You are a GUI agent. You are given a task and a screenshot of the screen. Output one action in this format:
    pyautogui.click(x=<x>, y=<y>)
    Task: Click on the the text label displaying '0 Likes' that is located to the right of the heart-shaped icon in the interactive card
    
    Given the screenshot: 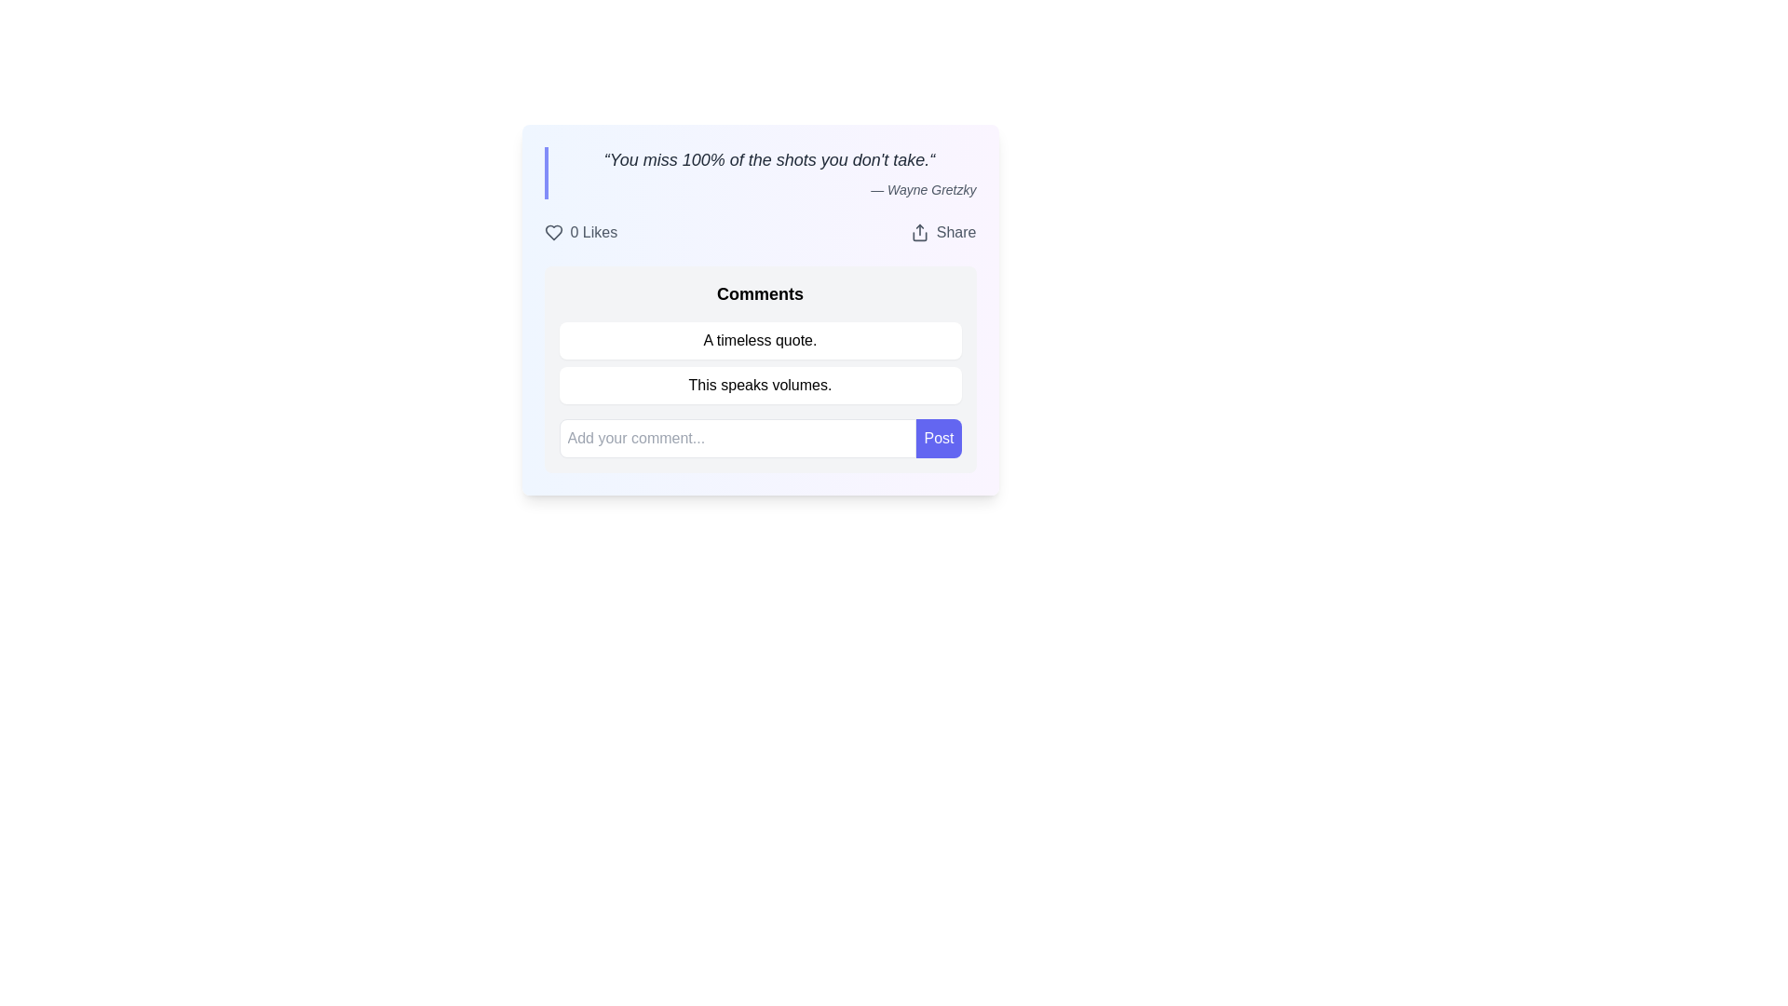 What is the action you would take?
    pyautogui.click(x=592, y=232)
    